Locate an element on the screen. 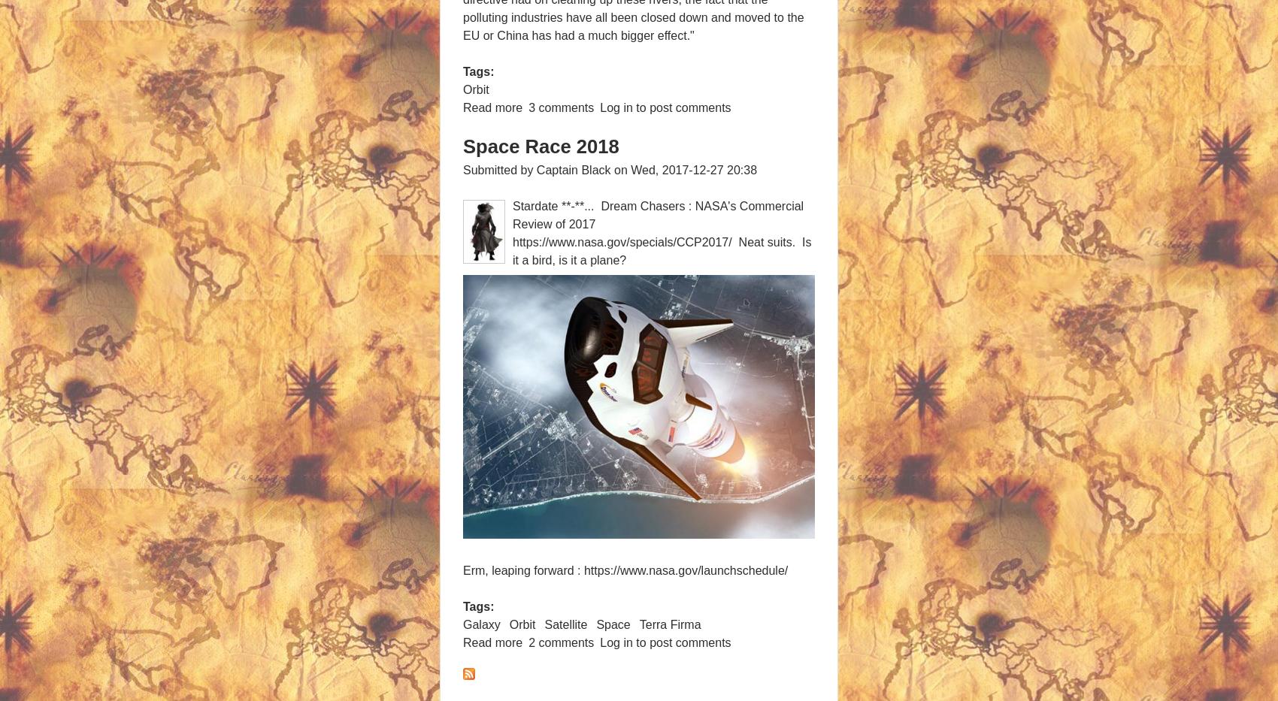  'Erm, leaping forward :' is located at coordinates (462, 569).